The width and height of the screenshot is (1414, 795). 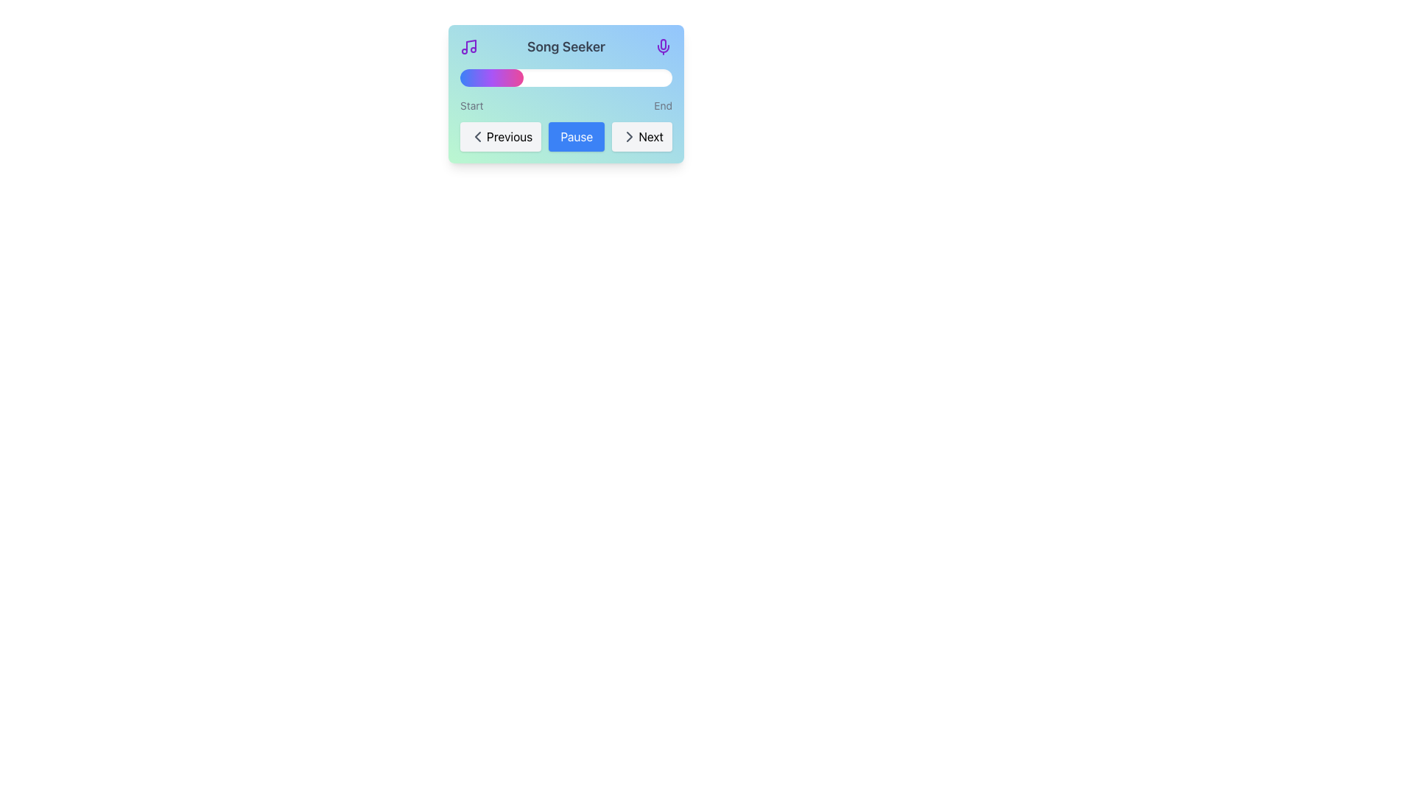 I want to click on the navigation icon aligned to the right side of the 'Next' button within the 'Song Seeker' interface component, so click(x=630, y=136).